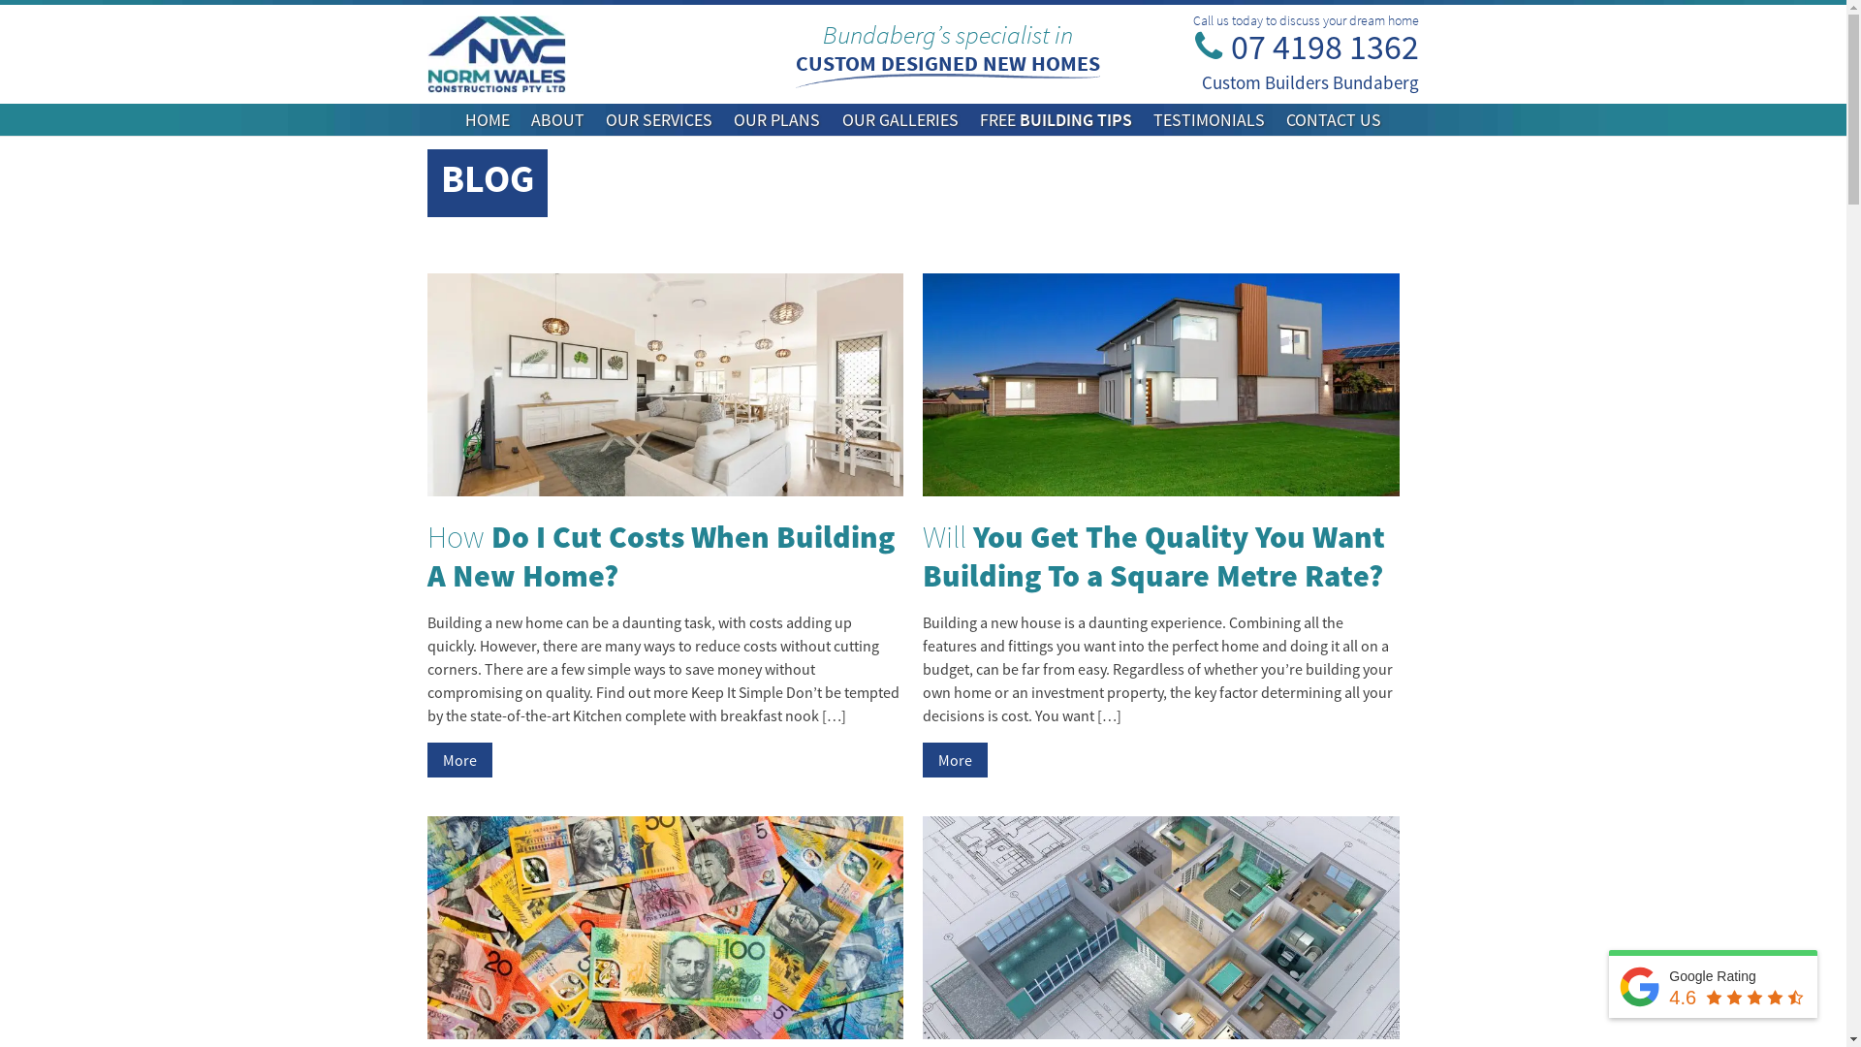  I want to click on 'OUR PLANS', so click(733, 119).